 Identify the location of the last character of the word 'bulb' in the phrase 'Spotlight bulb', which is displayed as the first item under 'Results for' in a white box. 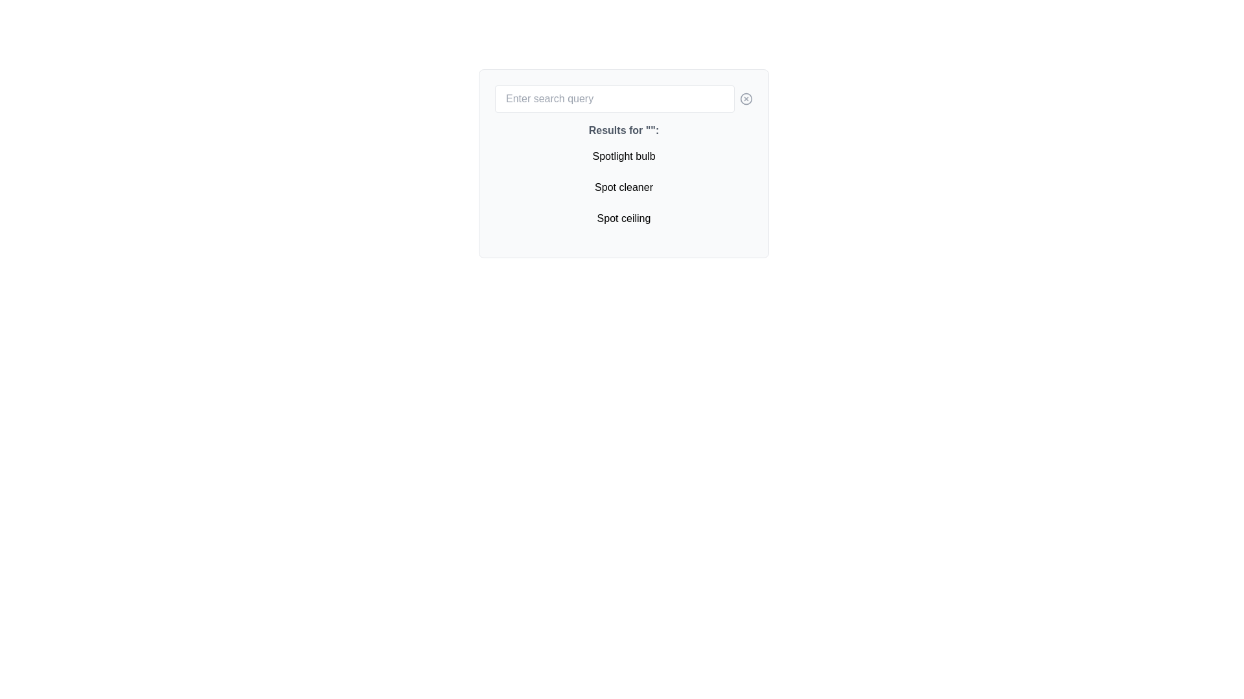
(648, 155).